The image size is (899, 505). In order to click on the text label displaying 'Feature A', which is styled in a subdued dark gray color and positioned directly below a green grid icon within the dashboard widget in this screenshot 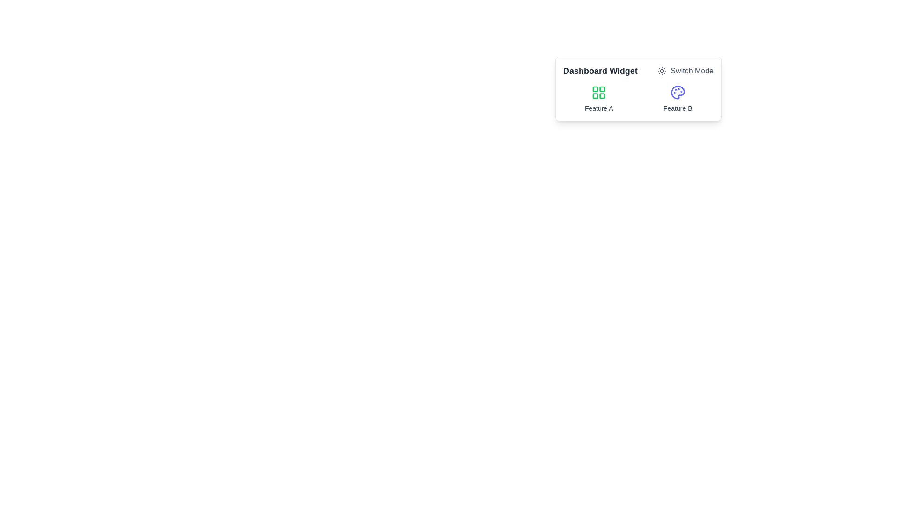, I will do `click(598, 108)`.